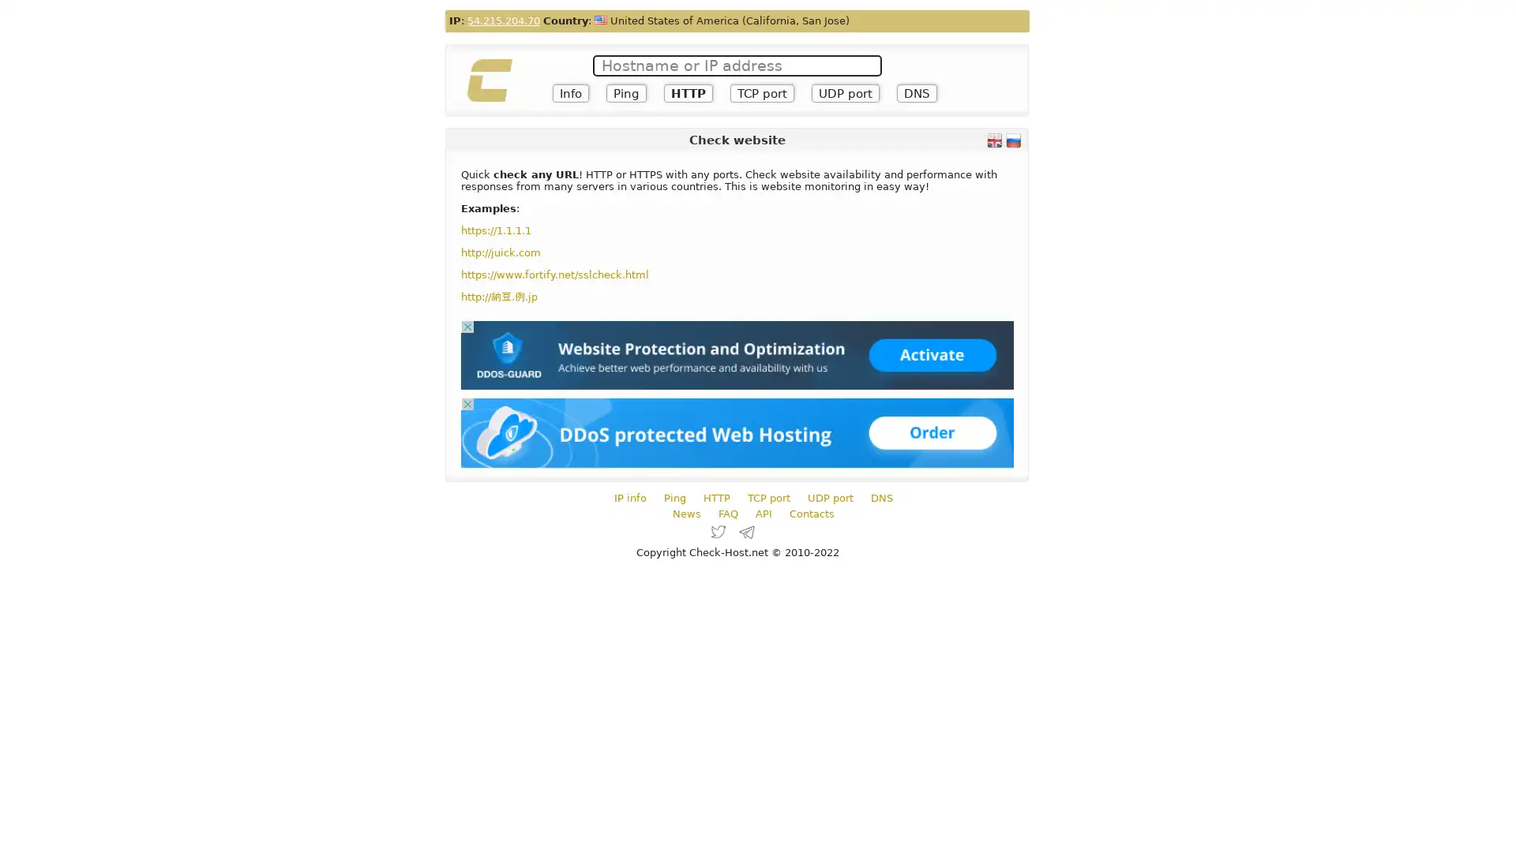 The height and width of the screenshot is (852, 1516). I want to click on TCP port, so click(761, 93).